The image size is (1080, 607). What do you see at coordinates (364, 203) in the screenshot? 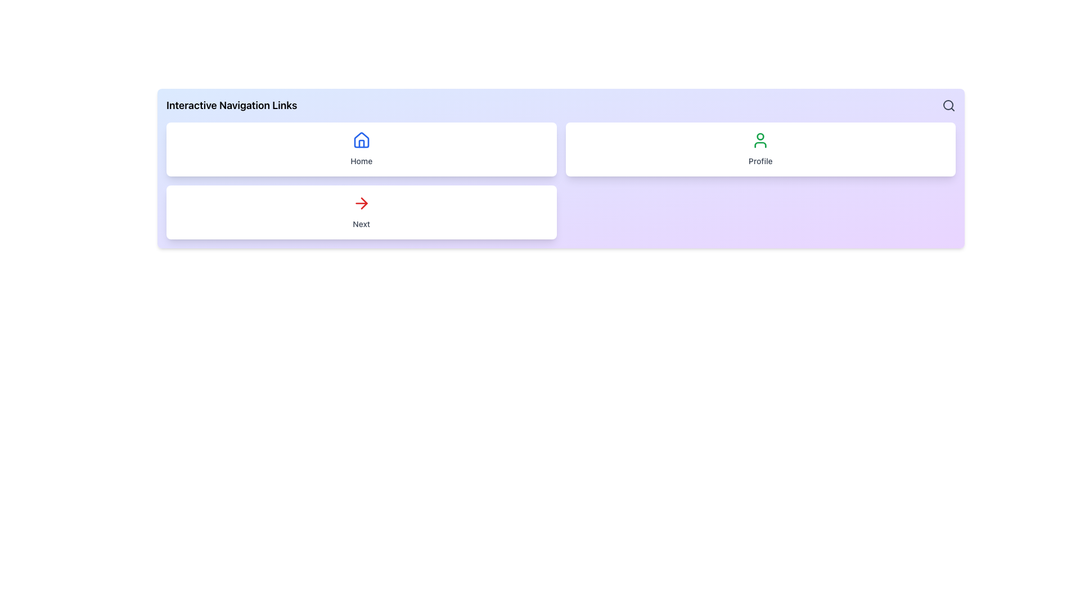
I see `the red arrow icon located within the white rectangular card labeled 'Next', which is positioned at the bottom-left of the interface` at bounding box center [364, 203].